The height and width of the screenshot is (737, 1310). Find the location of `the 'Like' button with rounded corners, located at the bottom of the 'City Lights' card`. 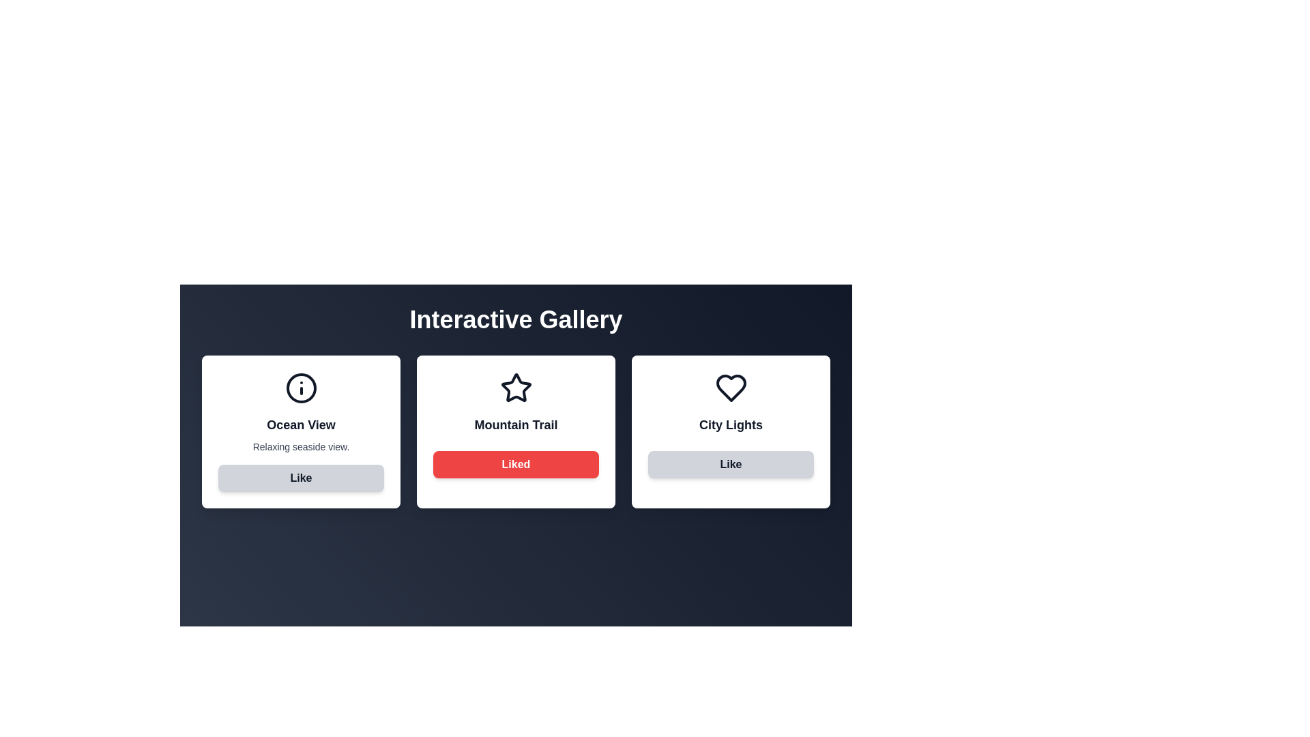

the 'Like' button with rounded corners, located at the bottom of the 'City Lights' card is located at coordinates (730, 464).